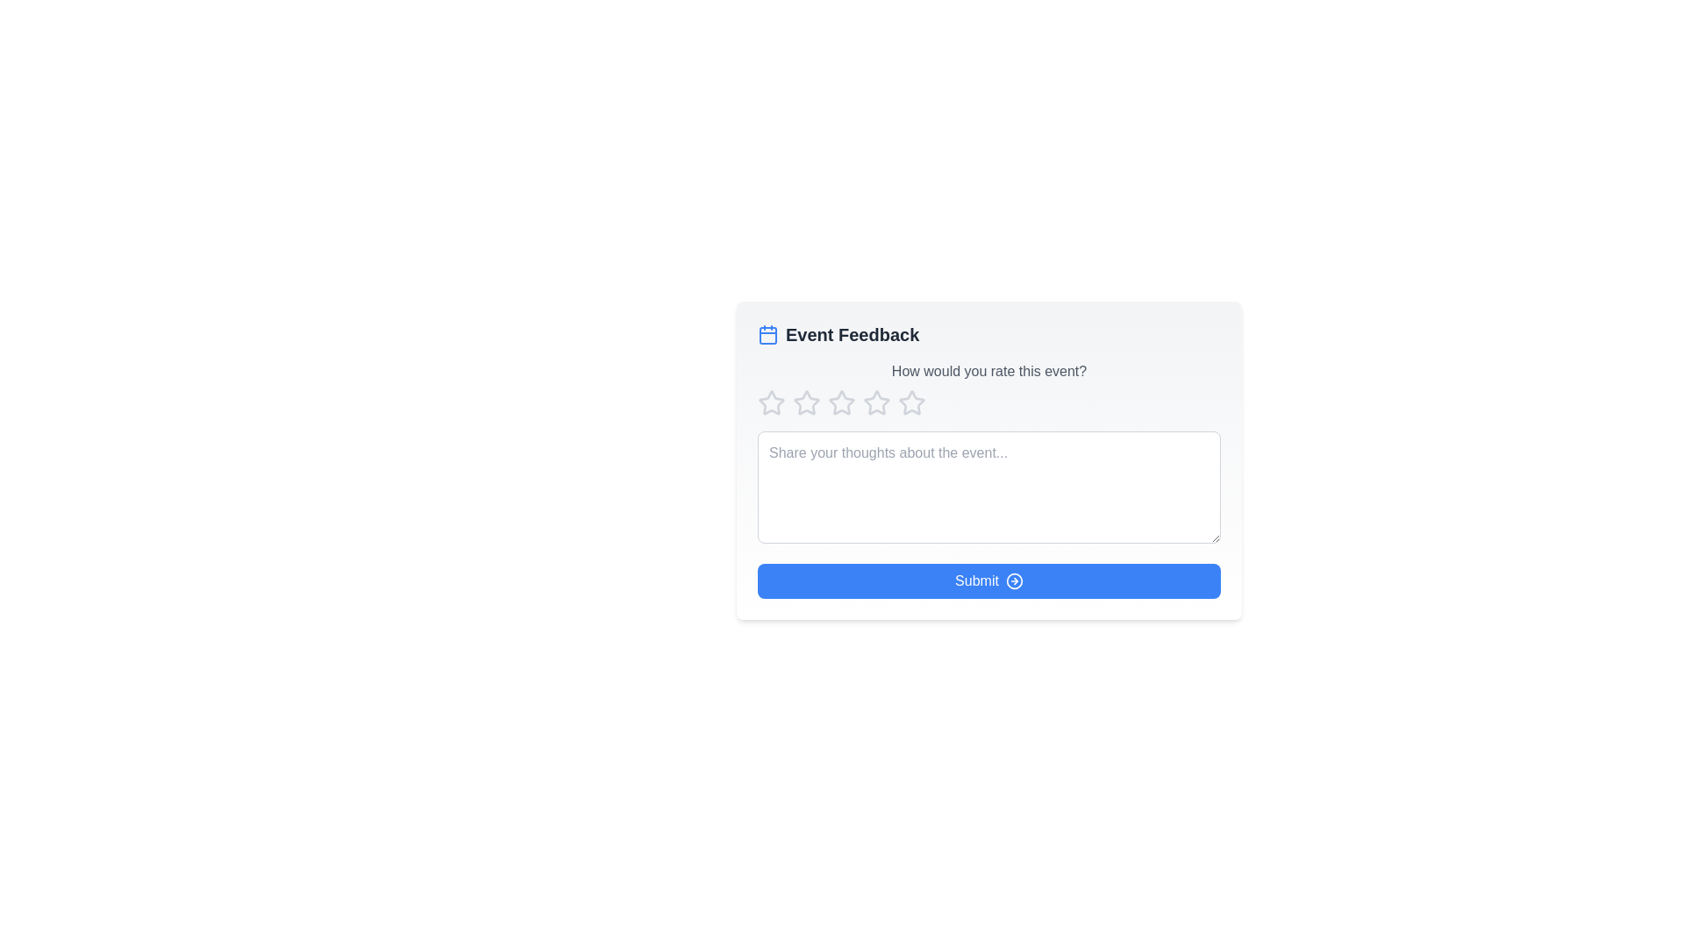 The height and width of the screenshot is (947, 1684). Describe the element at coordinates (771, 402) in the screenshot. I see `the first star in the star rating icon sequence` at that location.